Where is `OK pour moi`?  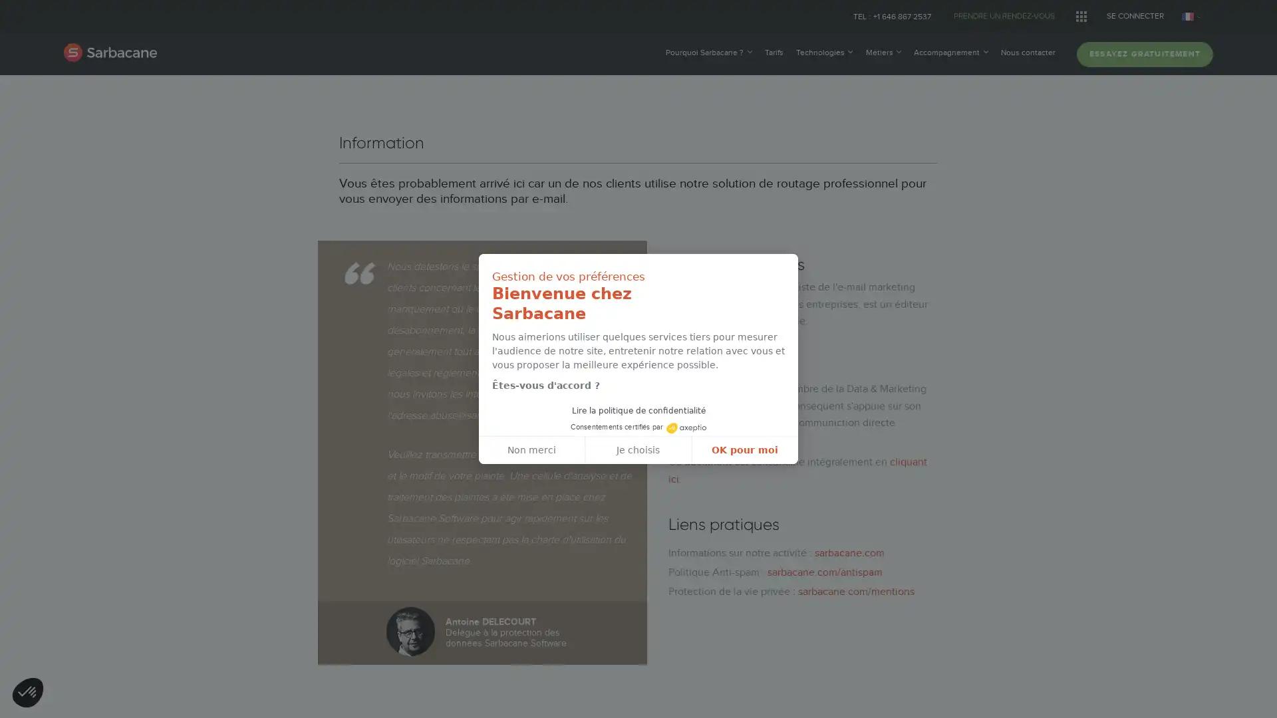 OK pour moi is located at coordinates (744, 449).